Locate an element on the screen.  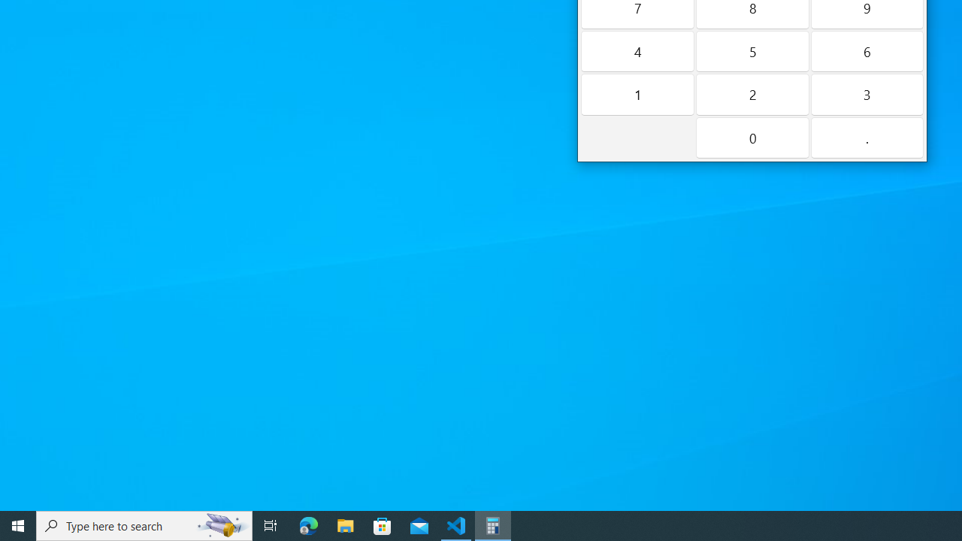
'Six' is located at coordinates (867, 50).